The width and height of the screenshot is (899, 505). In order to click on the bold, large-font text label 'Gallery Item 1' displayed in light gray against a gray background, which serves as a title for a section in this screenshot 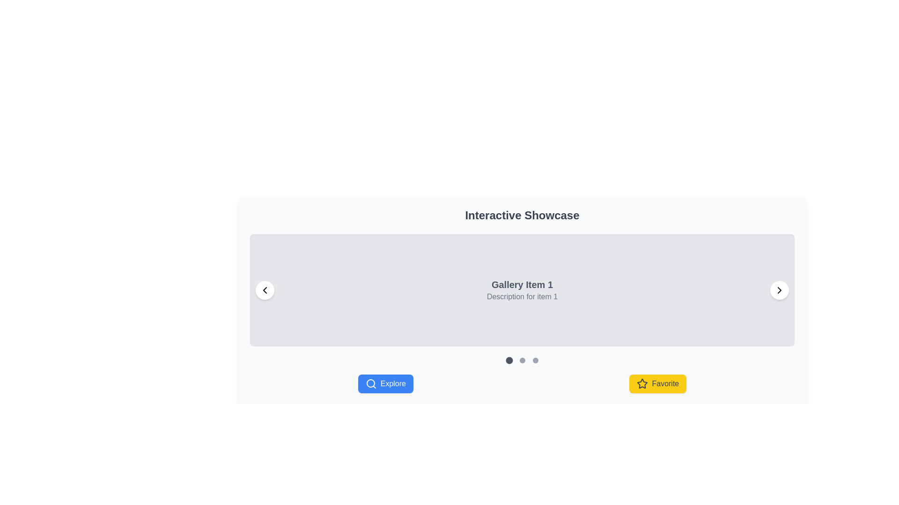, I will do `click(522, 284)`.